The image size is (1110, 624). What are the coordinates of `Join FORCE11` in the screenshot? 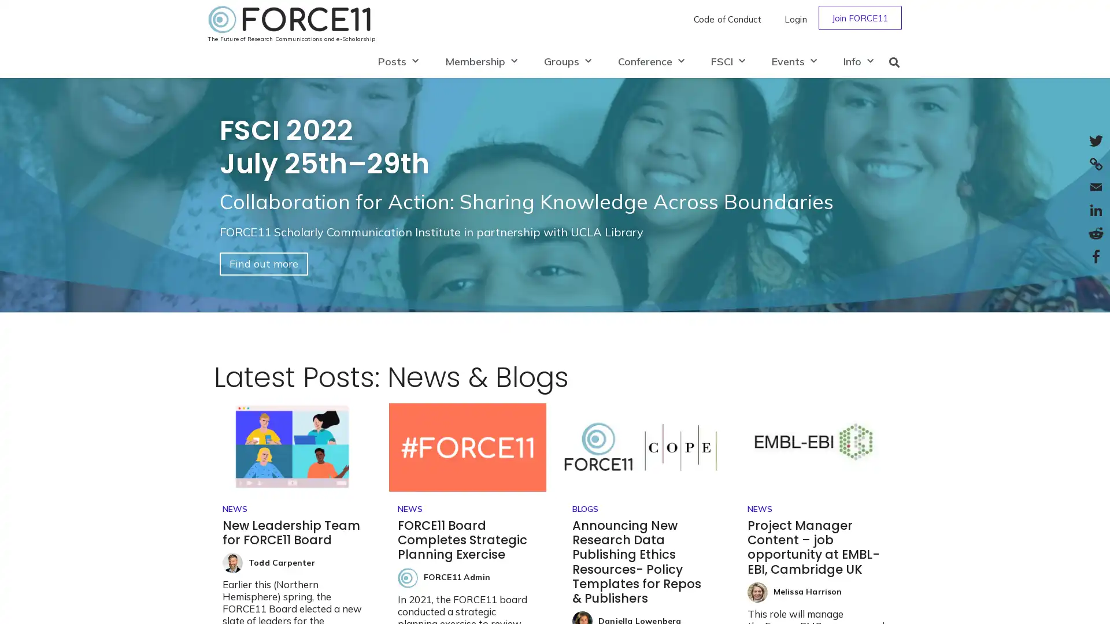 It's located at (860, 17).